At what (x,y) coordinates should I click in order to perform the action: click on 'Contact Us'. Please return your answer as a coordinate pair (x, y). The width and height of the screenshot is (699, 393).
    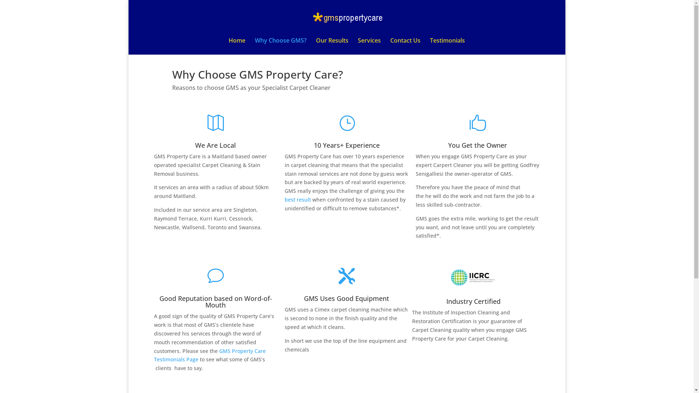
    Looking at the image, I should click on (405, 46).